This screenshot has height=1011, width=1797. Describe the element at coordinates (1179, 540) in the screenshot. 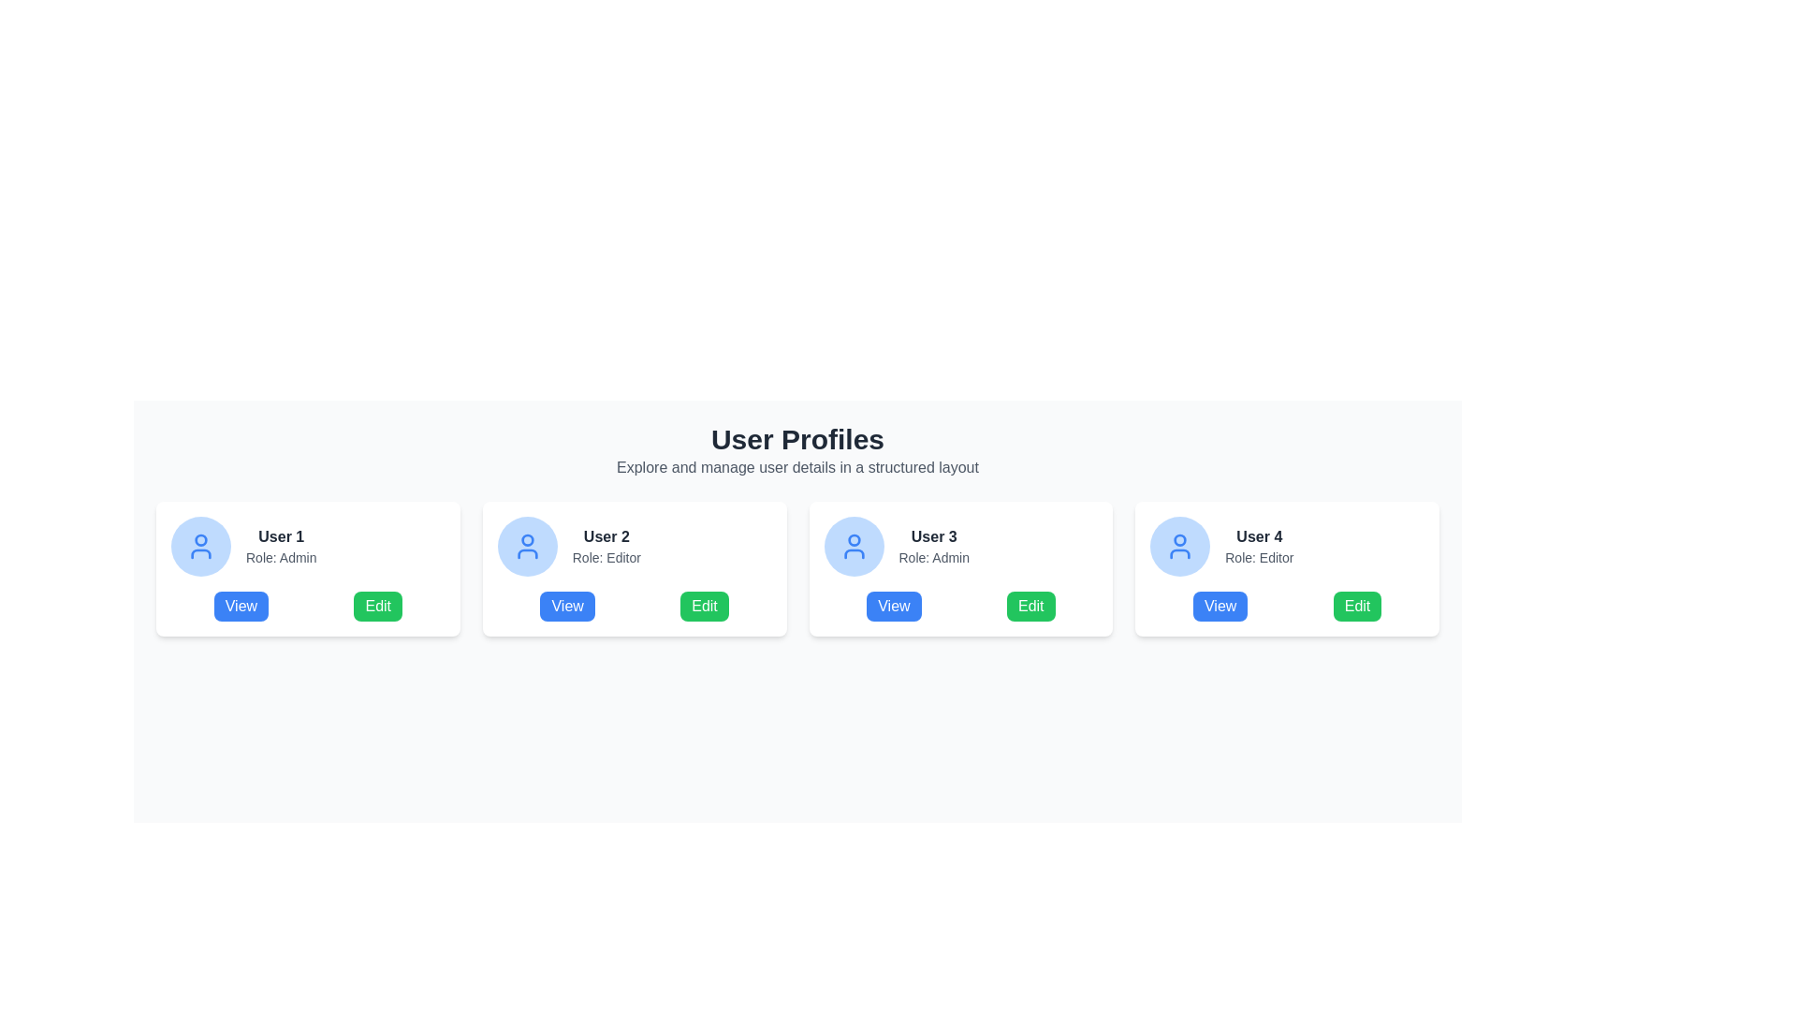

I see `the user avatar icon representing 'User 4' located in the card labeled 'User 4: Role Editor', positioned above the 'View' and 'Edit' buttons` at that location.